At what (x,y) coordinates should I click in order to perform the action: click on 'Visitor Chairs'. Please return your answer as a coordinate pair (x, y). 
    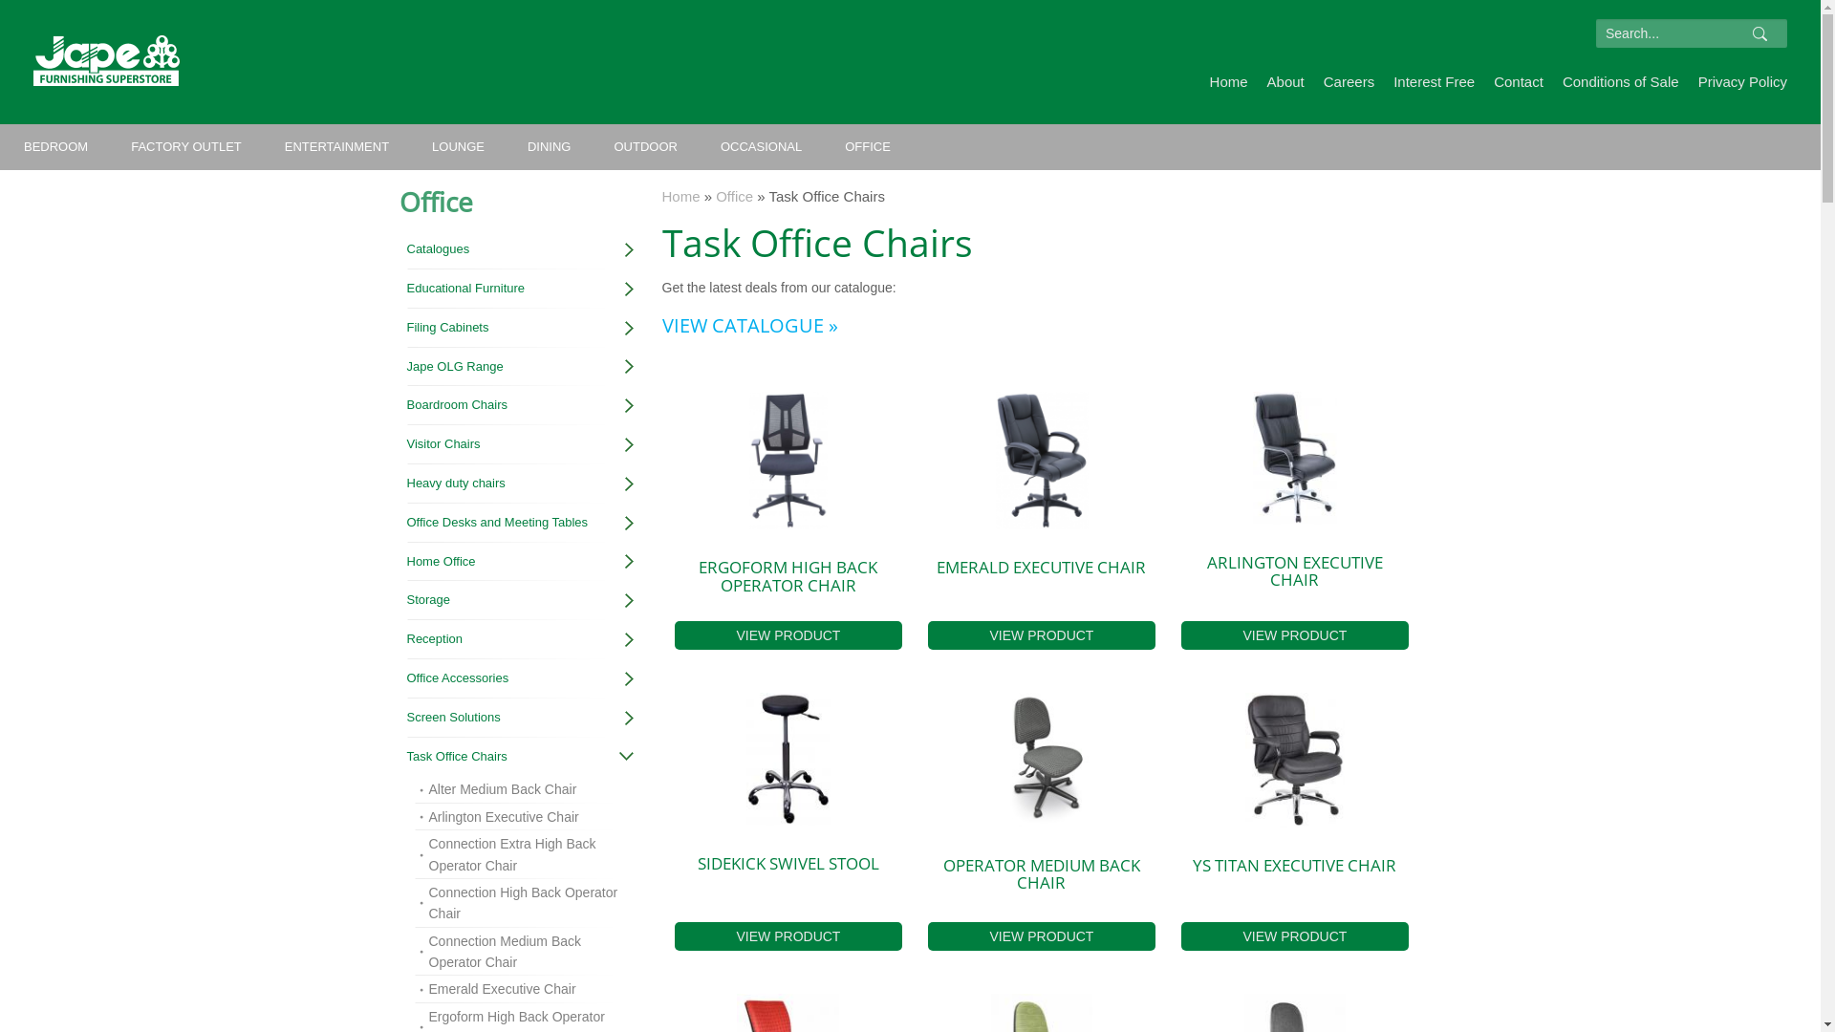
    Looking at the image, I should click on (406, 444).